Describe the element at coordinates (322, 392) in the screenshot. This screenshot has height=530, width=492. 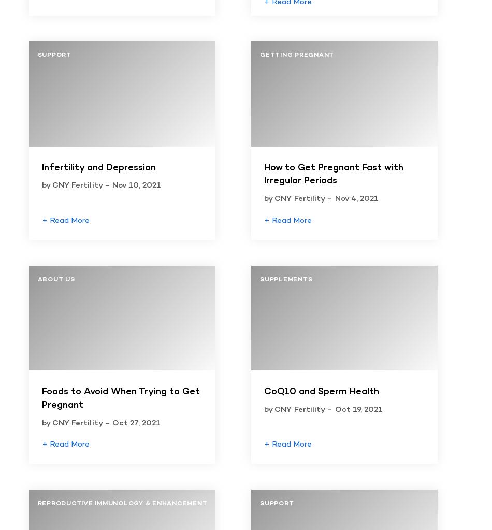
I see `'CoQ10 and Sperm Health'` at that location.